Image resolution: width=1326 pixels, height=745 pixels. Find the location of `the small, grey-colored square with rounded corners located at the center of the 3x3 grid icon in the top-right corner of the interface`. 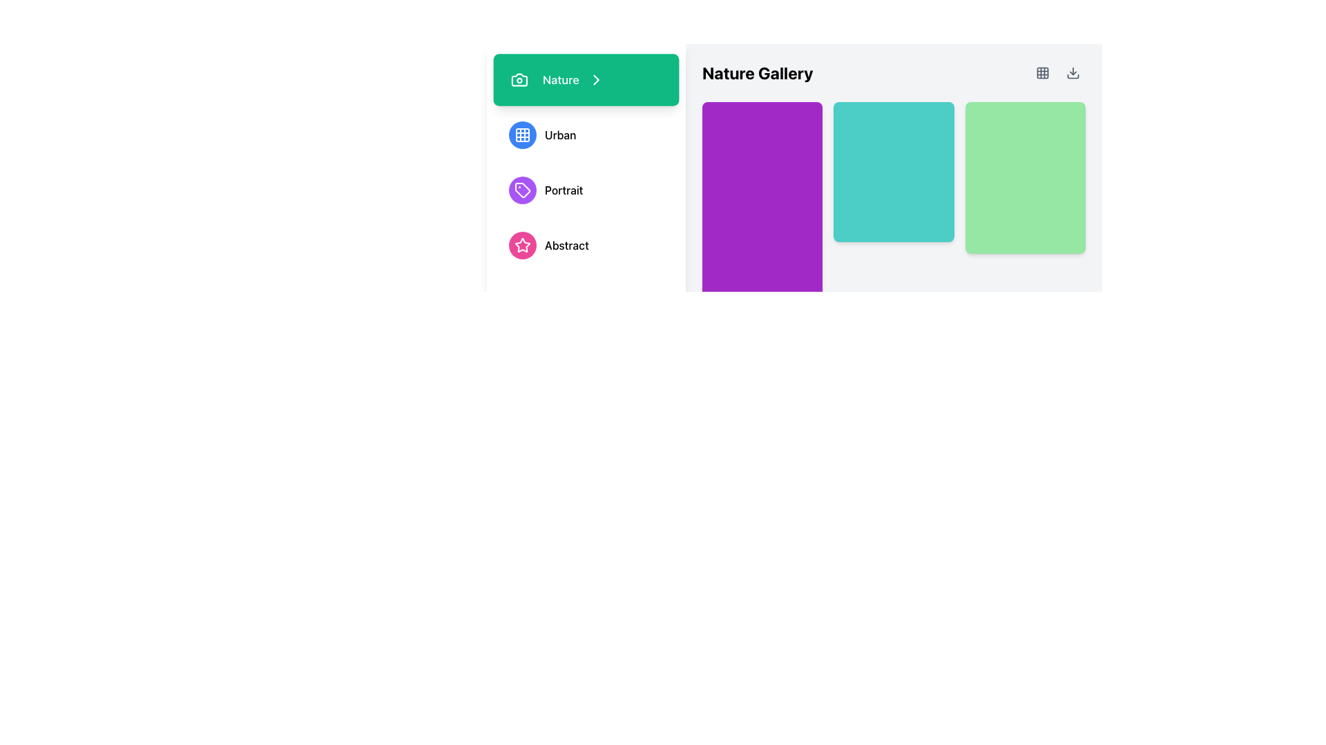

the small, grey-colored square with rounded corners located at the center of the 3x3 grid icon in the top-right corner of the interface is located at coordinates (1043, 72).